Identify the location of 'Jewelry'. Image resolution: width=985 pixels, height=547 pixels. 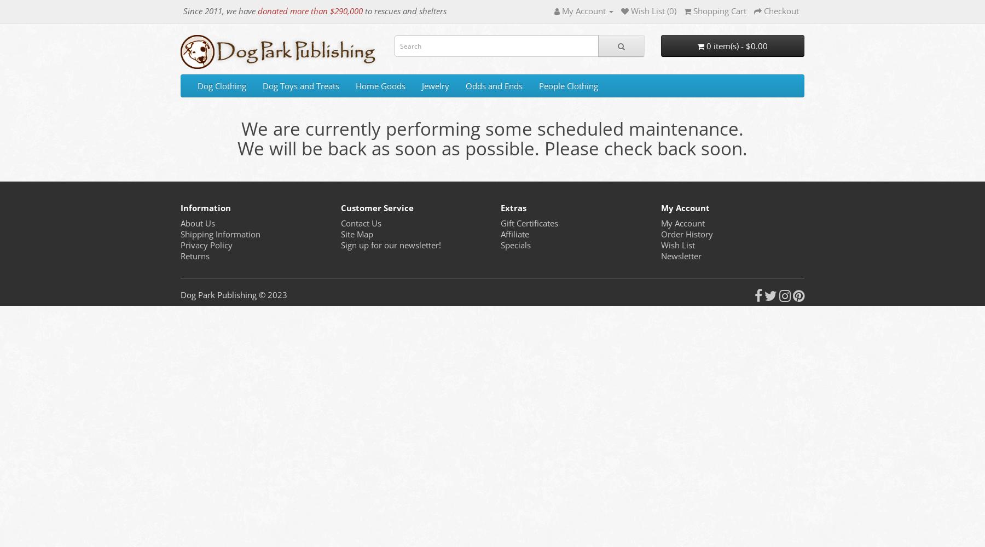
(435, 86).